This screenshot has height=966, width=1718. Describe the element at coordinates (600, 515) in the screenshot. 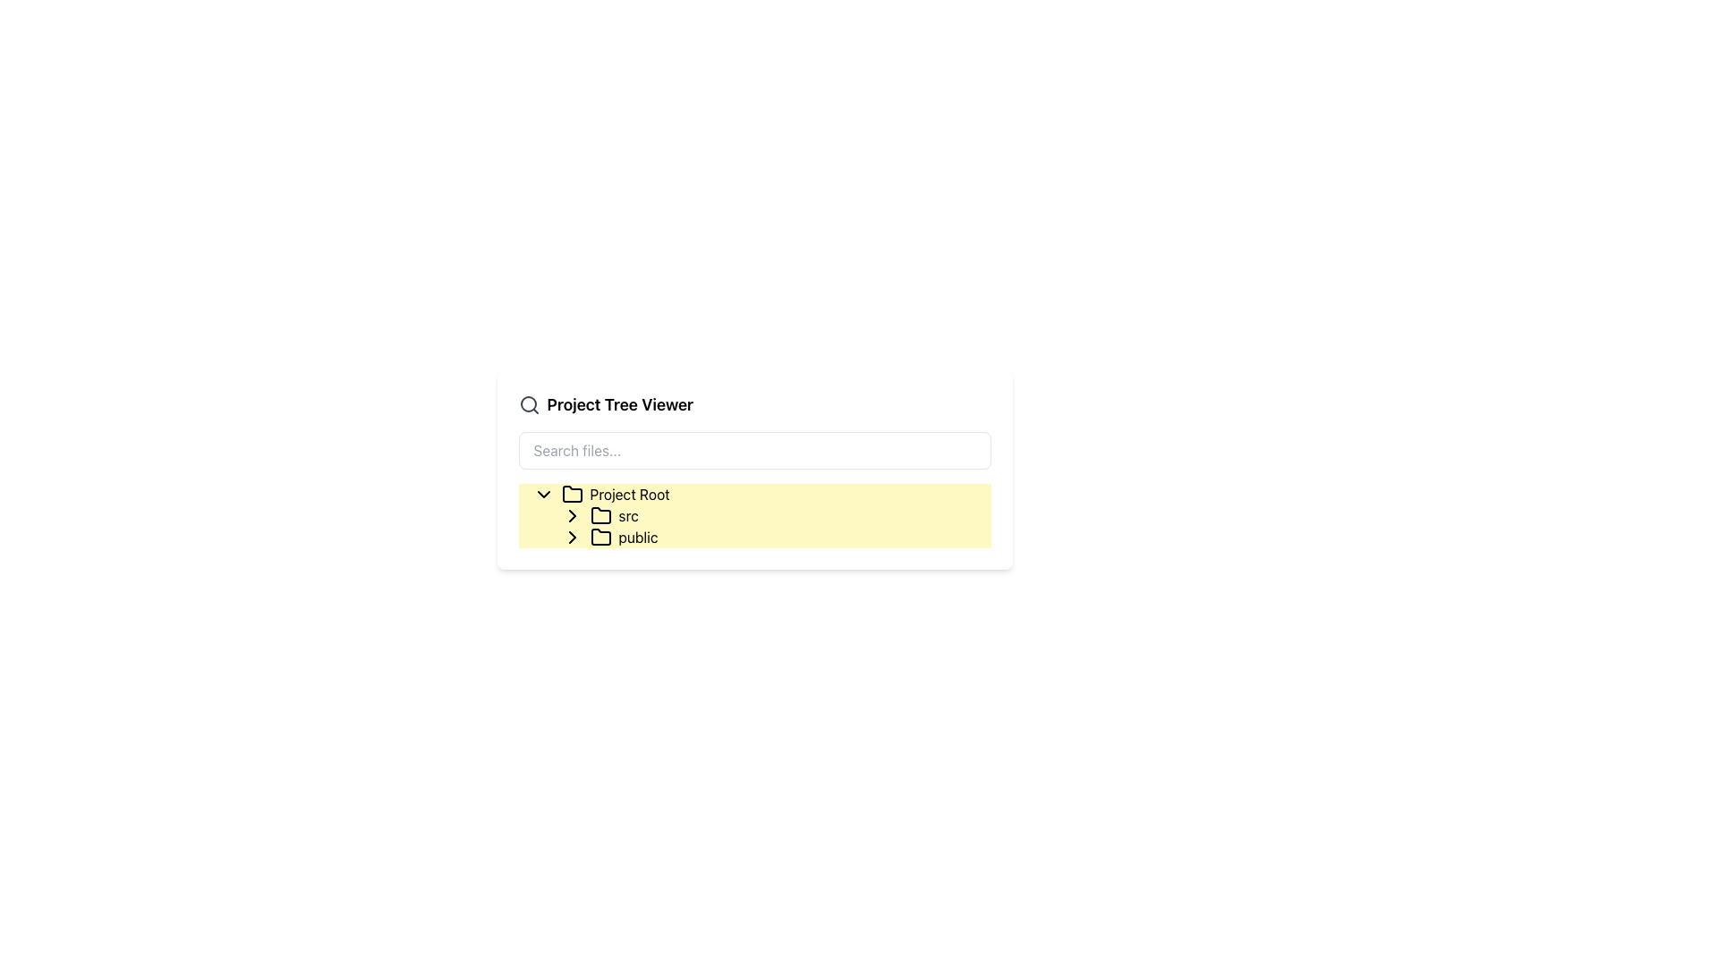

I see `the folder icon adjacent to the 'src' label in the 'Project Tree Viewer'` at that location.